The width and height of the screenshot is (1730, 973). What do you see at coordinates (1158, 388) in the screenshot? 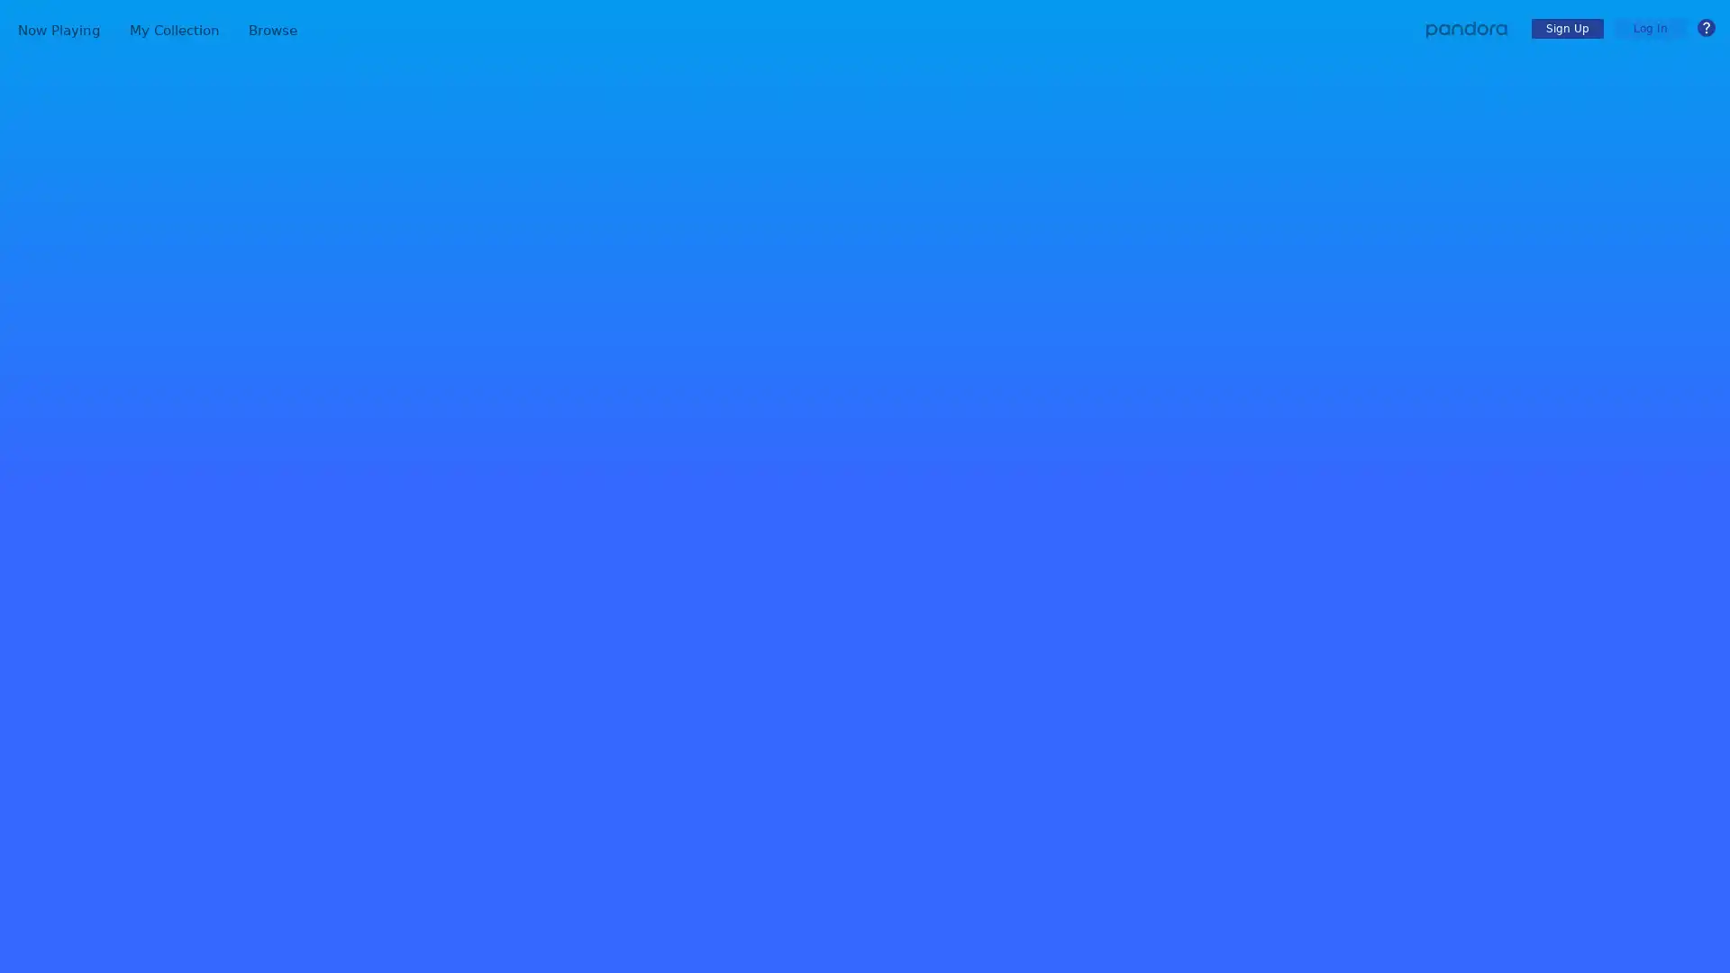
I see `Play Ep. 48 | Argo AIs Hardware VP Talks Autonomous Vehicles and Single Photon Lidar Ep. 48 | Argo AIs Hardware VP Talks Autonomous Vehicles and Single Photon Lidar Jun 21, 2022 53:29 more ... When your junior high school balsa wood bridge is the envy of MIT professors, it is probably a good bet you will have a distinguished engineering career. Argo AIs VP of Firmware and Hardware Zach Little knew from a pretty early age that he wanted to work in technology. But not even he could have imagined the diverse set of companies he would work for. Zach already had a fascinating career arc prior to joining Argo AI. And now he is working on advanced hardware and firmware to make fully autonomous driving a reality. In this entertaining interview with Moores Lobbys Daniel Bogdanoff, Zach retraces his career path and talks about the current challenges and opportunities when building AVs in collaboration with Volkswagen and Ford. There are a lot of good tech discussions that you will not want to miss including single-photon lidar detection and the challenges of detecting black cars at long range. Other highlights include: How the west coast beckoned this midwestern young man with...free soda? The different challenges posed by developing AVs for both Miami and Munich The connection between USB keyboards and AVs Zachs uncomfortable first ride in an autonomous vehicle` at bounding box center [1158, 388].